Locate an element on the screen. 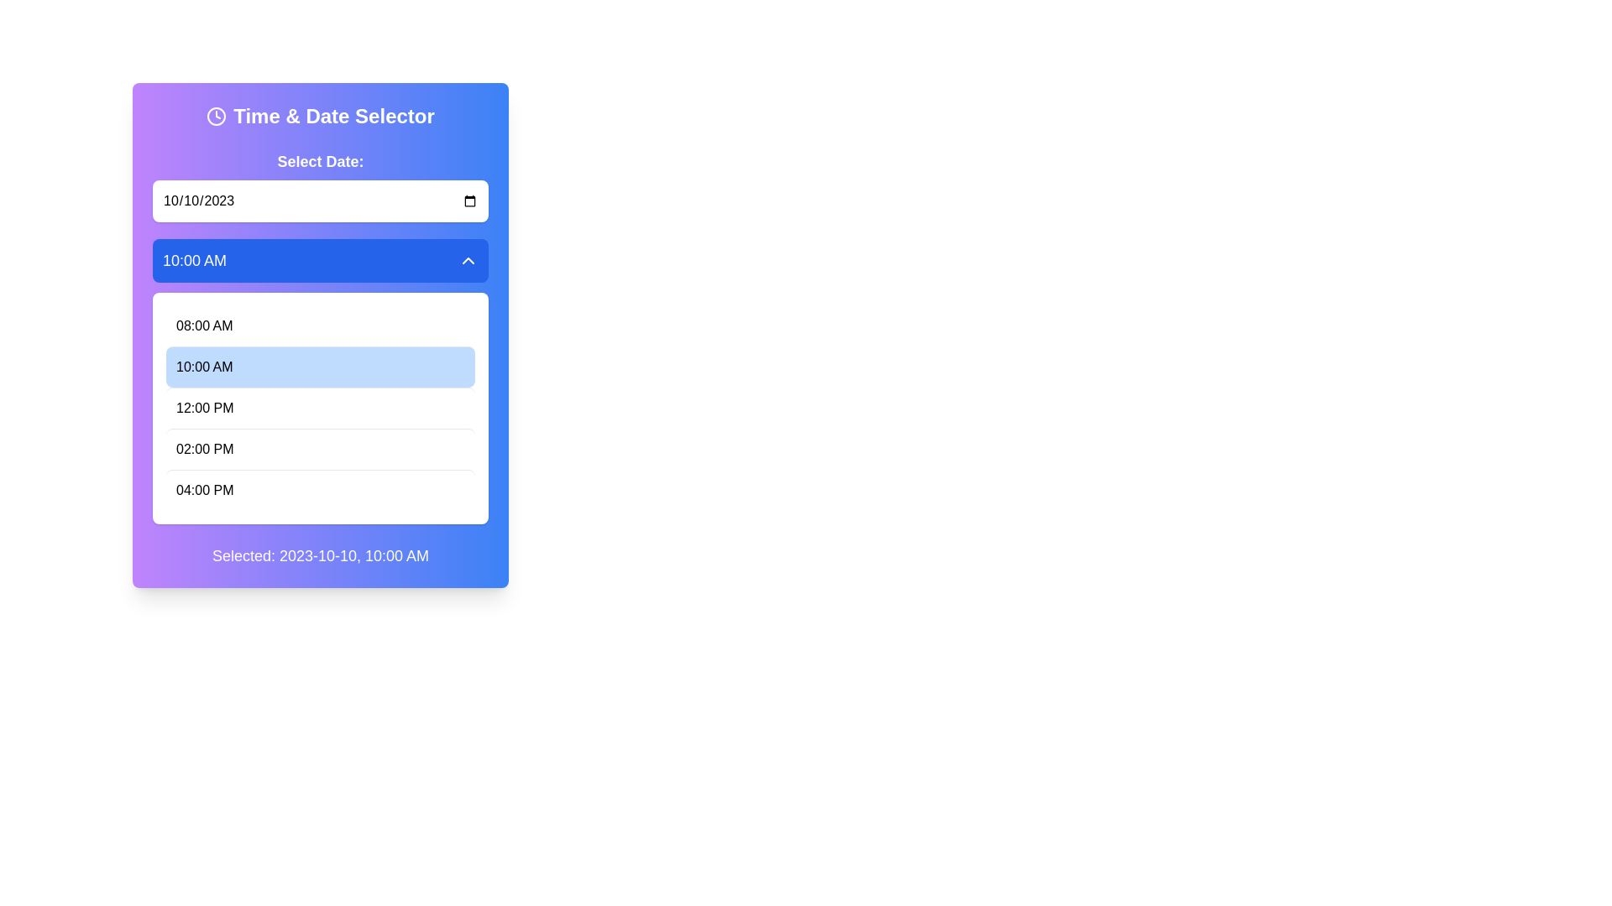 Image resolution: width=1612 pixels, height=906 pixels. the last selectable list item in the dropdown menu is located at coordinates (321, 490).